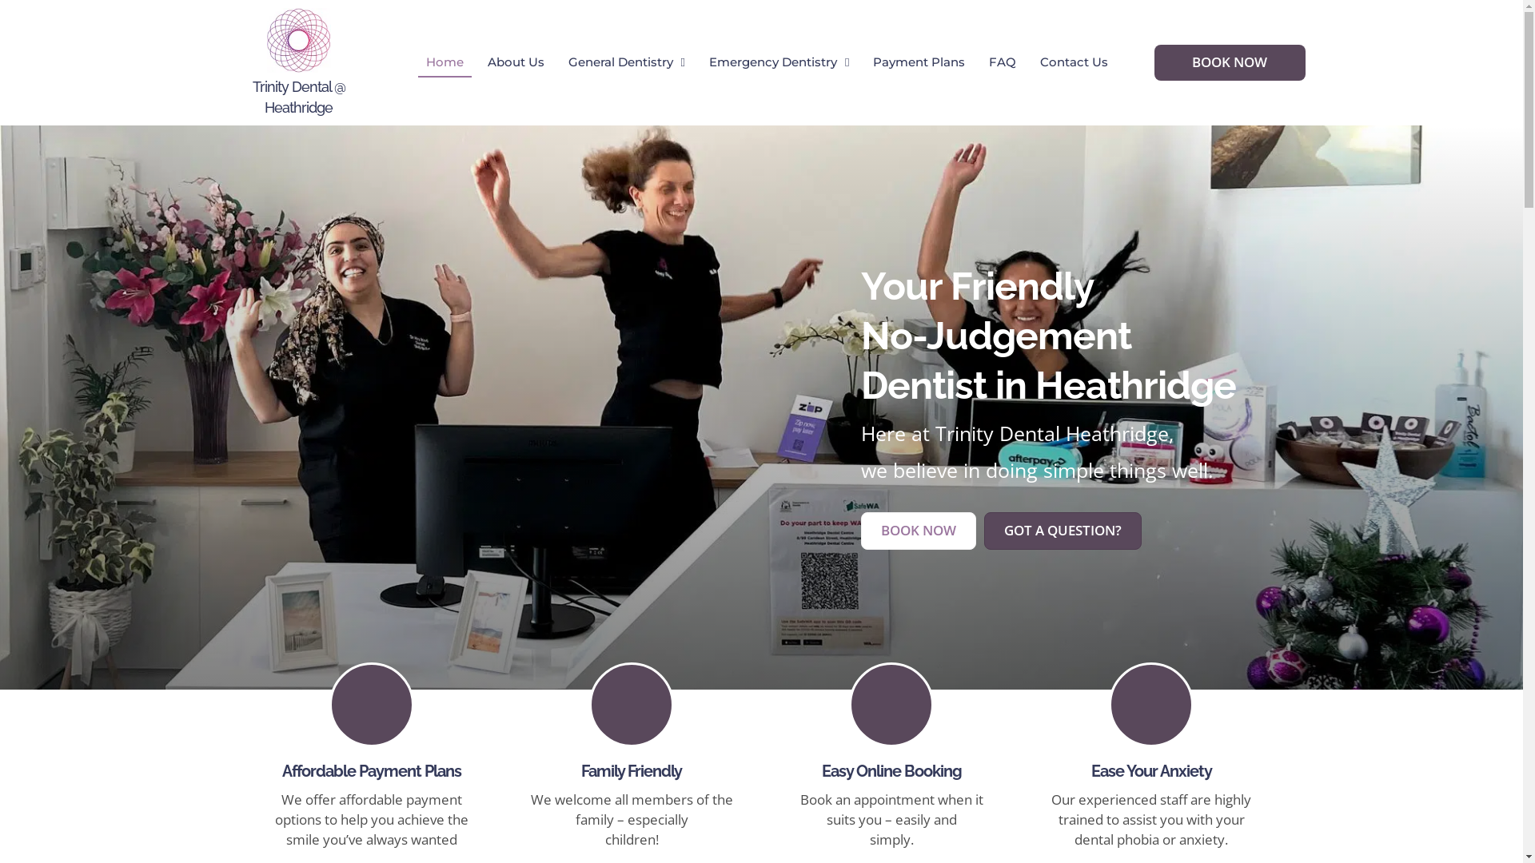 The image size is (1535, 863). I want to click on 'Emergency Dentistry', so click(779, 62).